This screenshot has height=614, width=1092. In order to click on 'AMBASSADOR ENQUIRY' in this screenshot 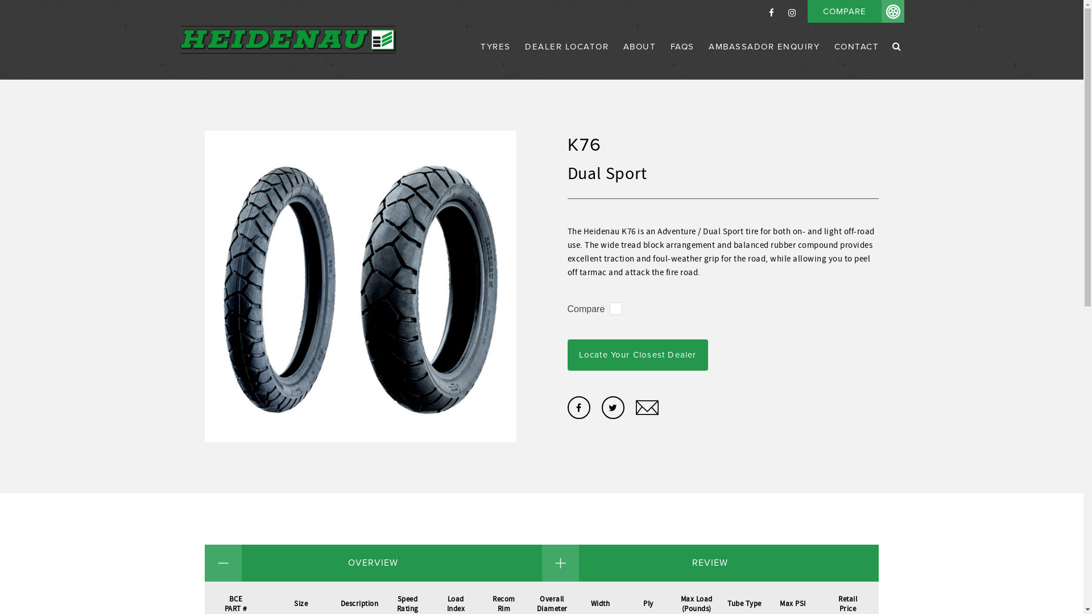, I will do `click(764, 59)`.